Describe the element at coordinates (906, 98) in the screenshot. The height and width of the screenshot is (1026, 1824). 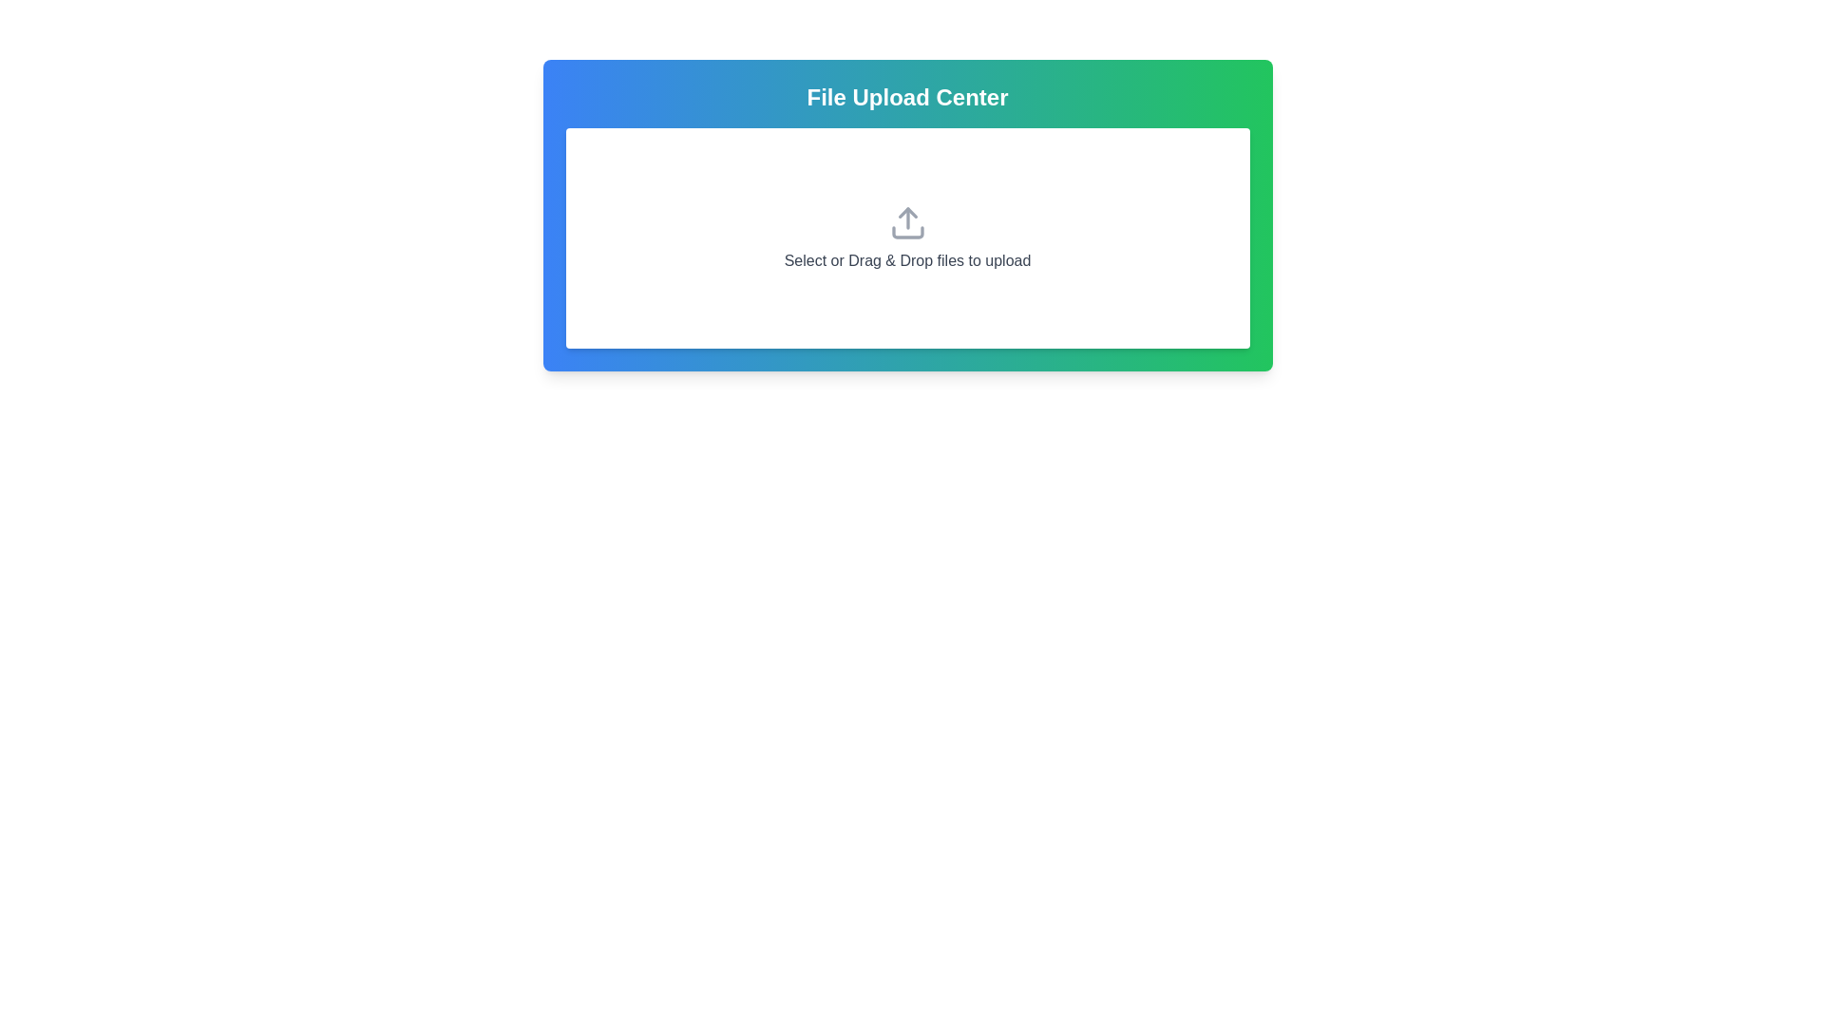
I see `the 'File Upload Center' text element, which is bold and white, positioned at the top of a gradient background transitioning from blue to green` at that location.